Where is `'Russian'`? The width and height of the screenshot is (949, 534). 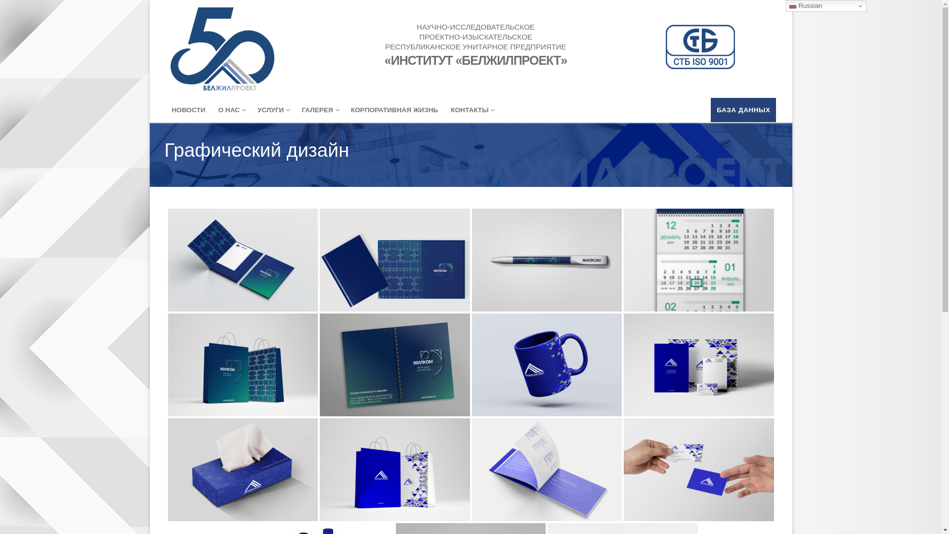 'Russian' is located at coordinates (826, 5).